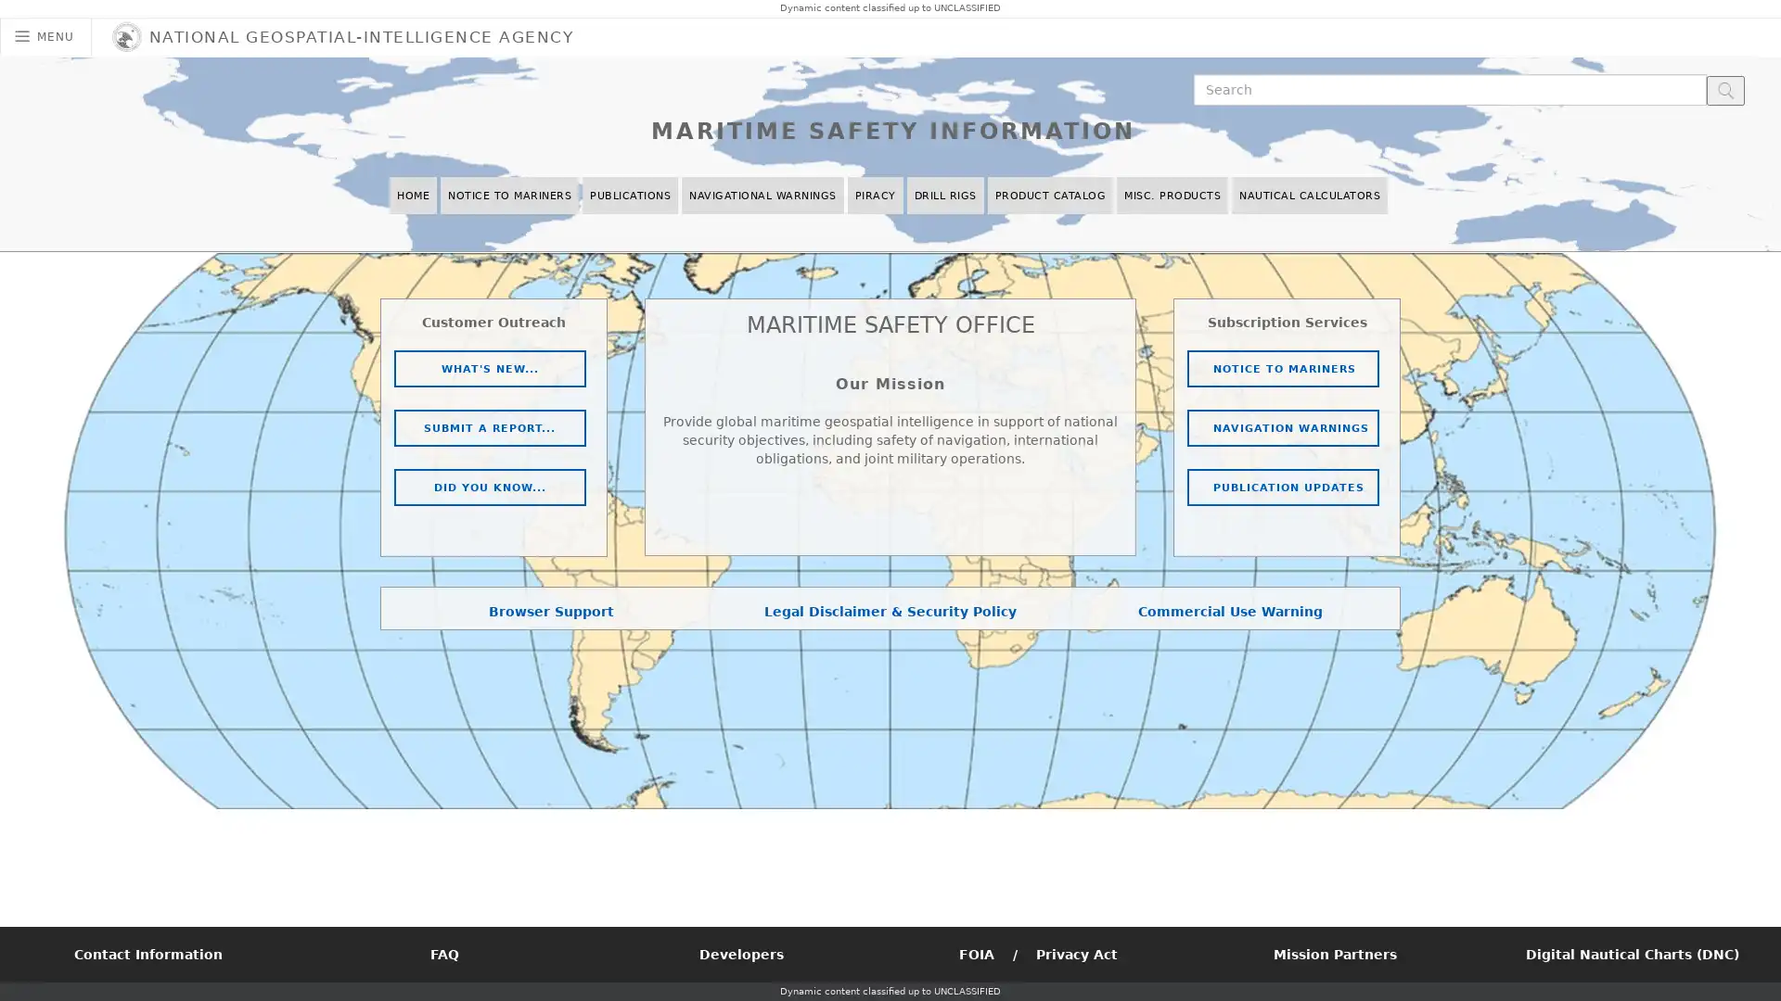  I want to click on search, so click(1723, 89).